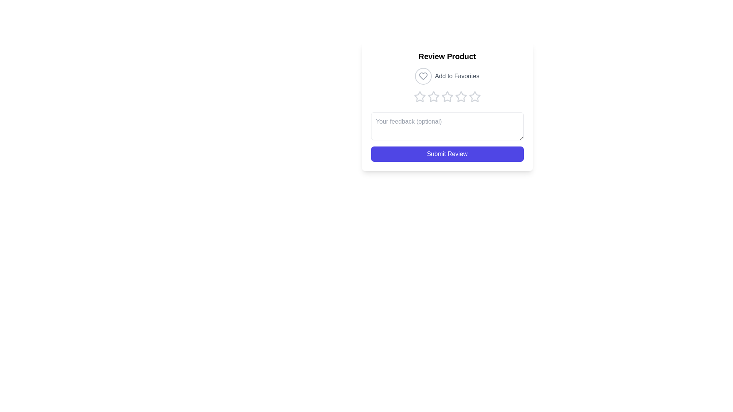 This screenshot has height=412, width=733. I want to click on the fifth star-shaped rating icon with a grey hue, so click(474, 96).